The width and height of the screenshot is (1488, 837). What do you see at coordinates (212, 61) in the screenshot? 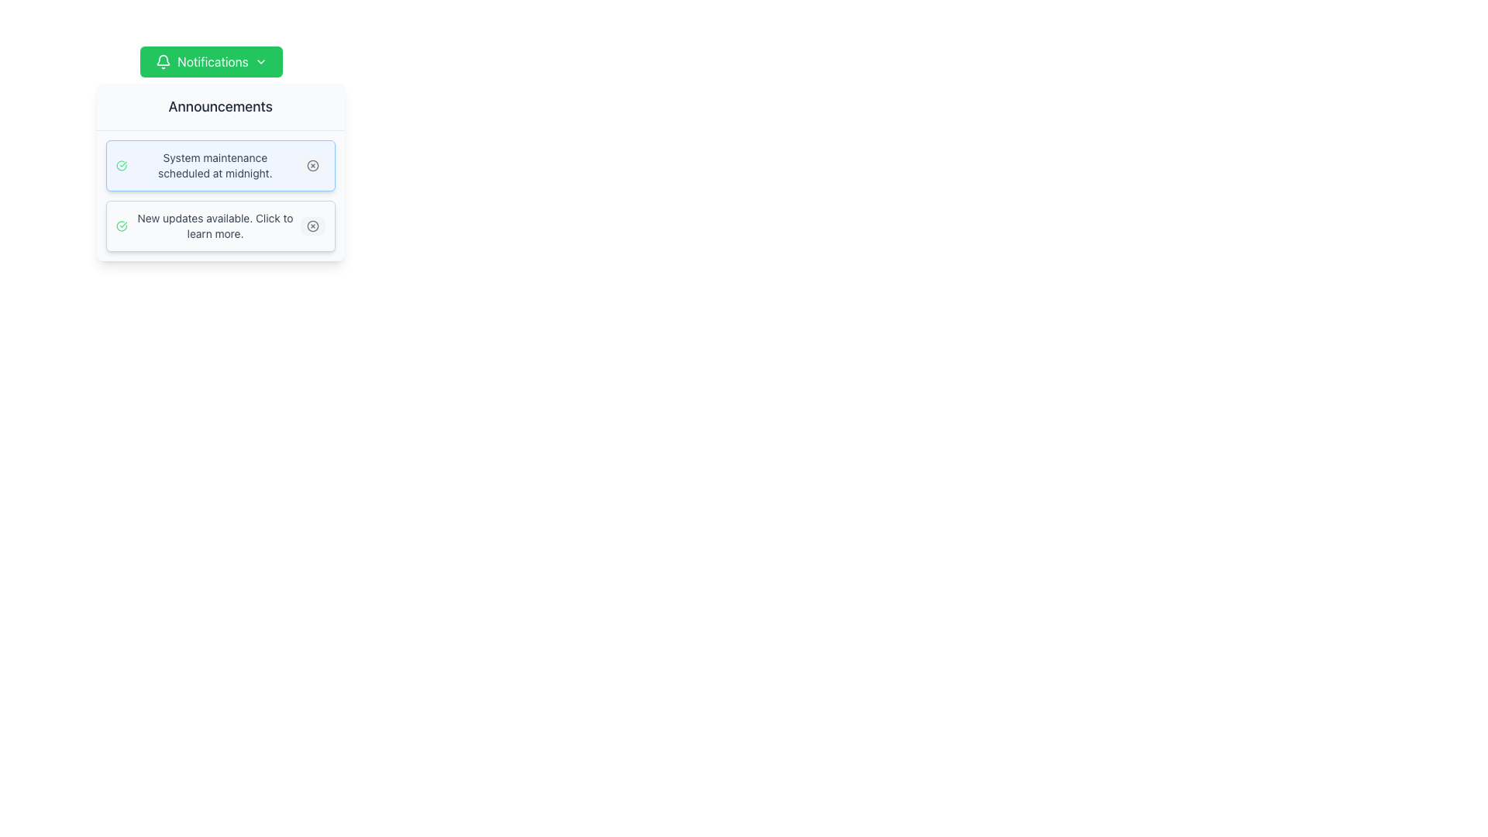
I see `the 'Notifications' label, which is styled with a white font on a green background and is part of a button-like structure` at bounding box center [212, 61].